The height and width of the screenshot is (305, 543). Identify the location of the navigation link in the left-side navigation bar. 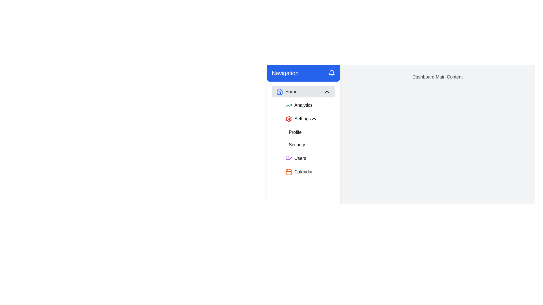
(298, 118).